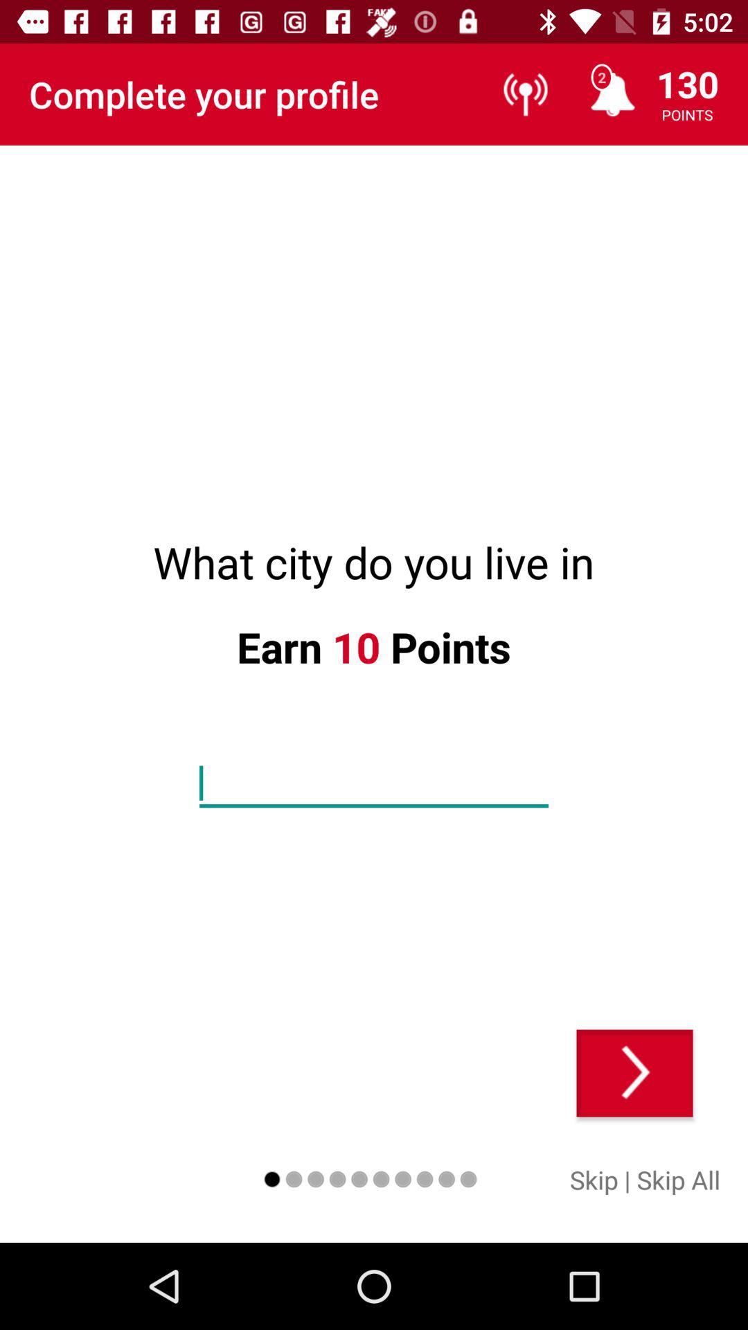 The height and width of the screenshot is (1330, 748). Describe the element at coordinates (677, 1179) in the screenshot. I see `item next to the  |  icon` at that location.